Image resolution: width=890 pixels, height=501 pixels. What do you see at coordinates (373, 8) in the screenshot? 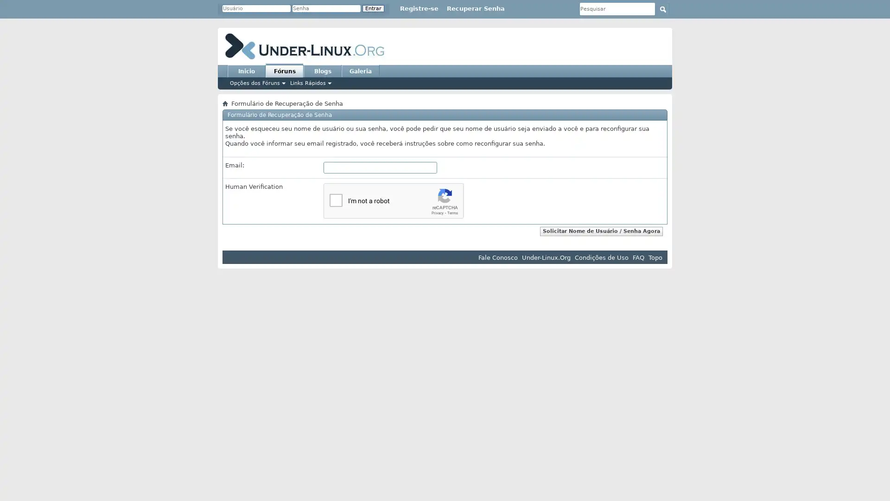
I see `Entrar` at bounding box center [373, 8].